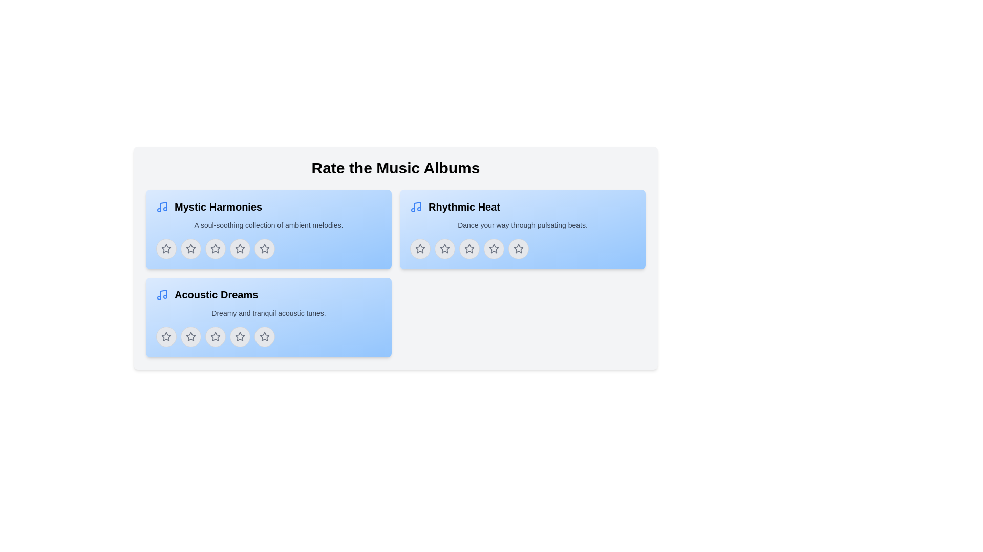  I want to click on the first gray star icon within the rating row for the album 'Rhythmic Heat' to assign a star rating, so click(420, 248).